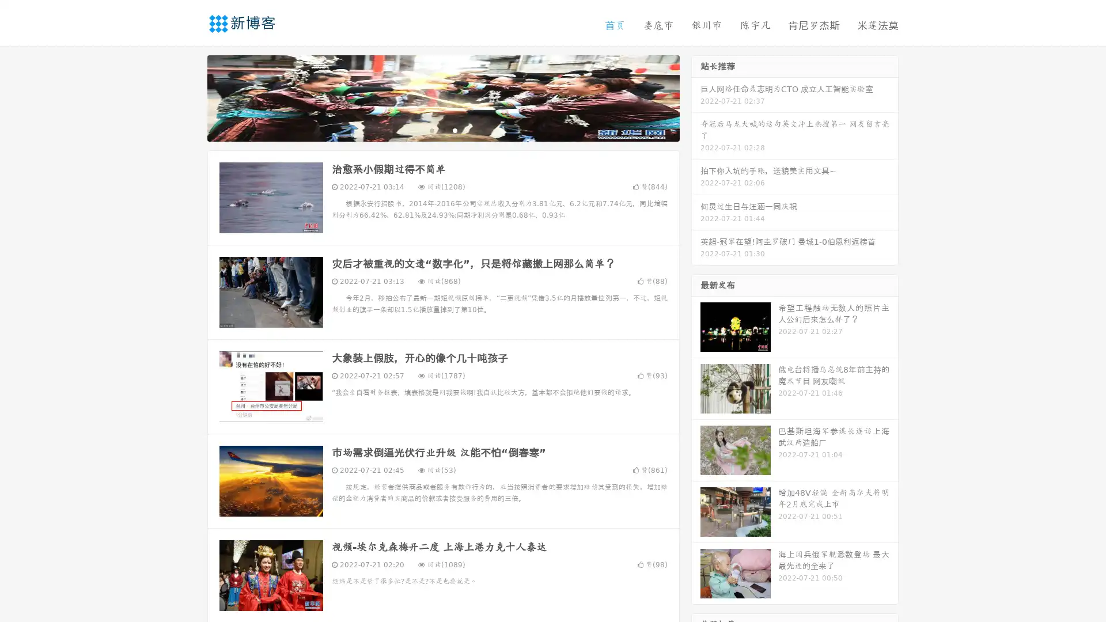  Describe the element at coordinates (696, 97) in the screenshot. I see `Next slide` at that location.